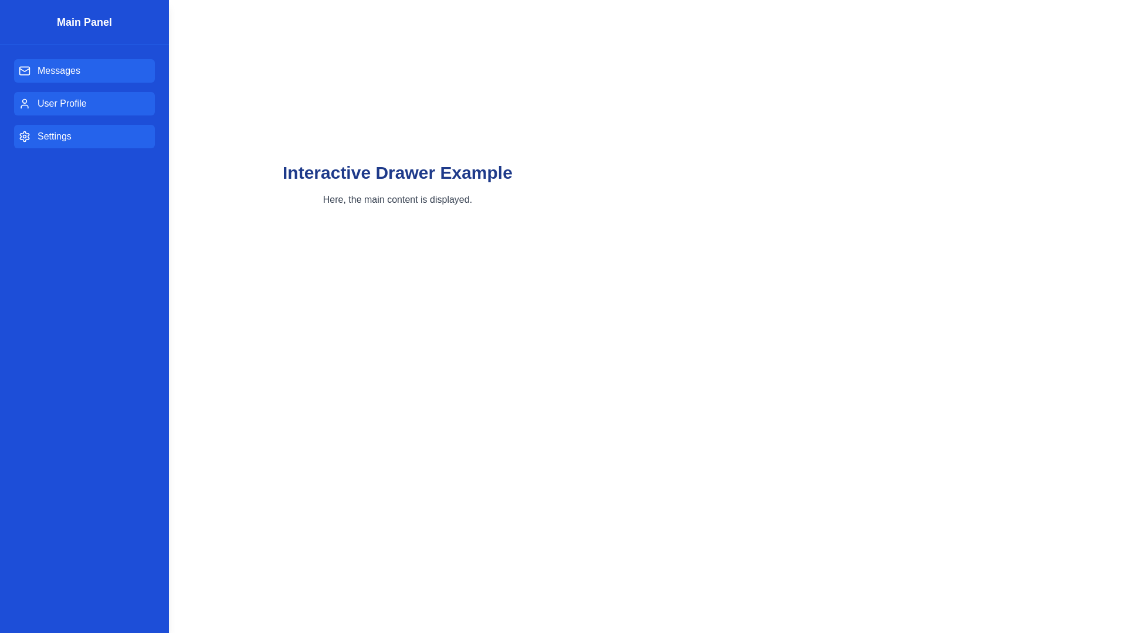  I want to click on toggle button to change the drawer's visibility, so click(25, 25).